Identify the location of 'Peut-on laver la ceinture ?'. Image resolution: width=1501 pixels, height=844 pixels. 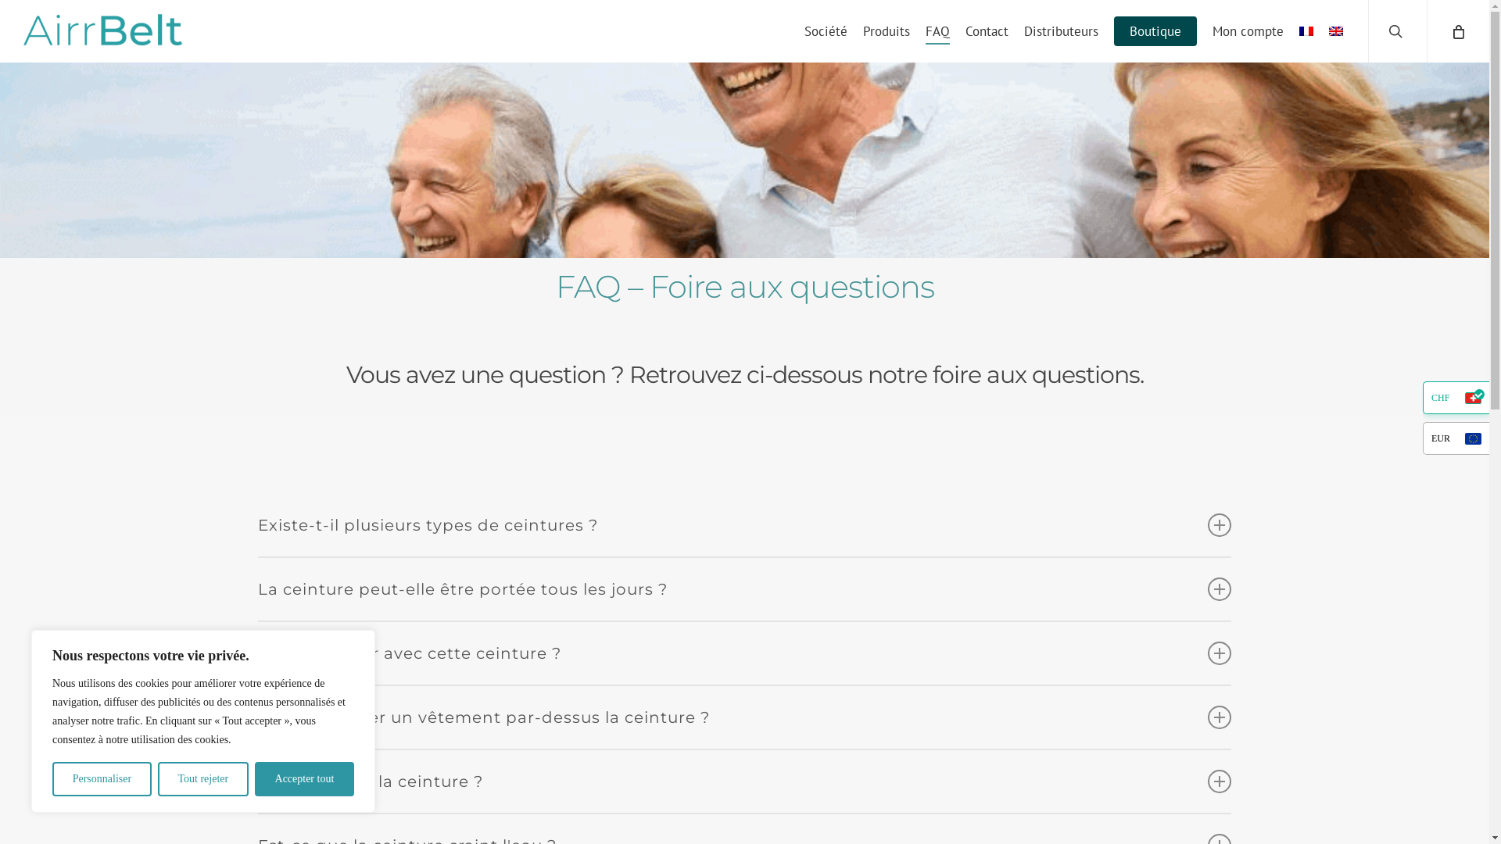
(743, 781).